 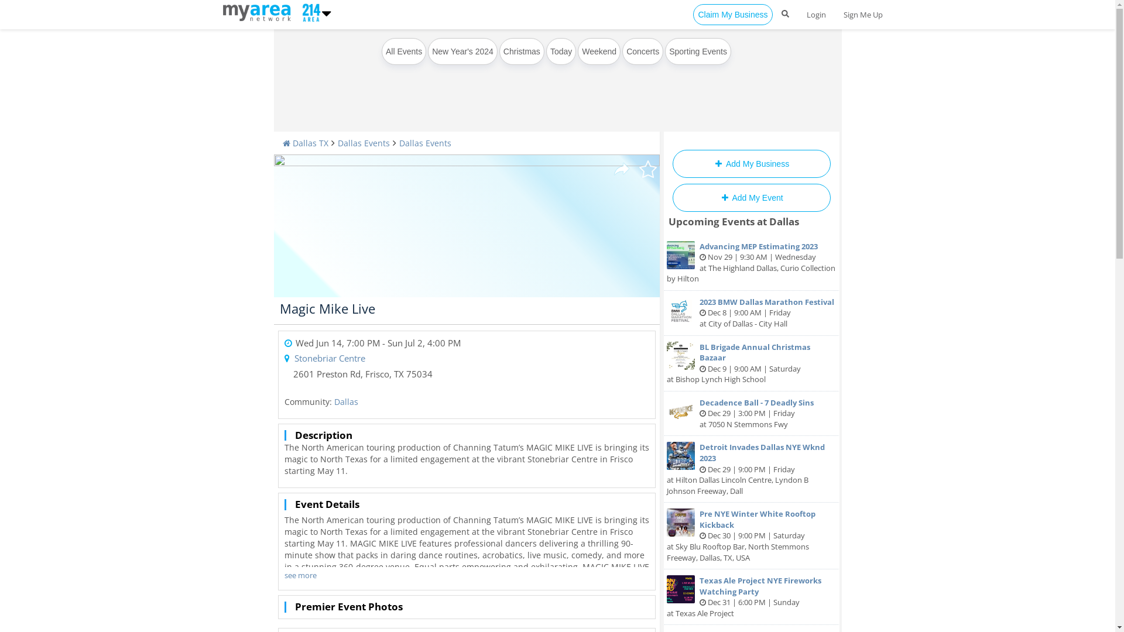 I want to click on 'https://www.214area.com', so click(x=222, y=11).